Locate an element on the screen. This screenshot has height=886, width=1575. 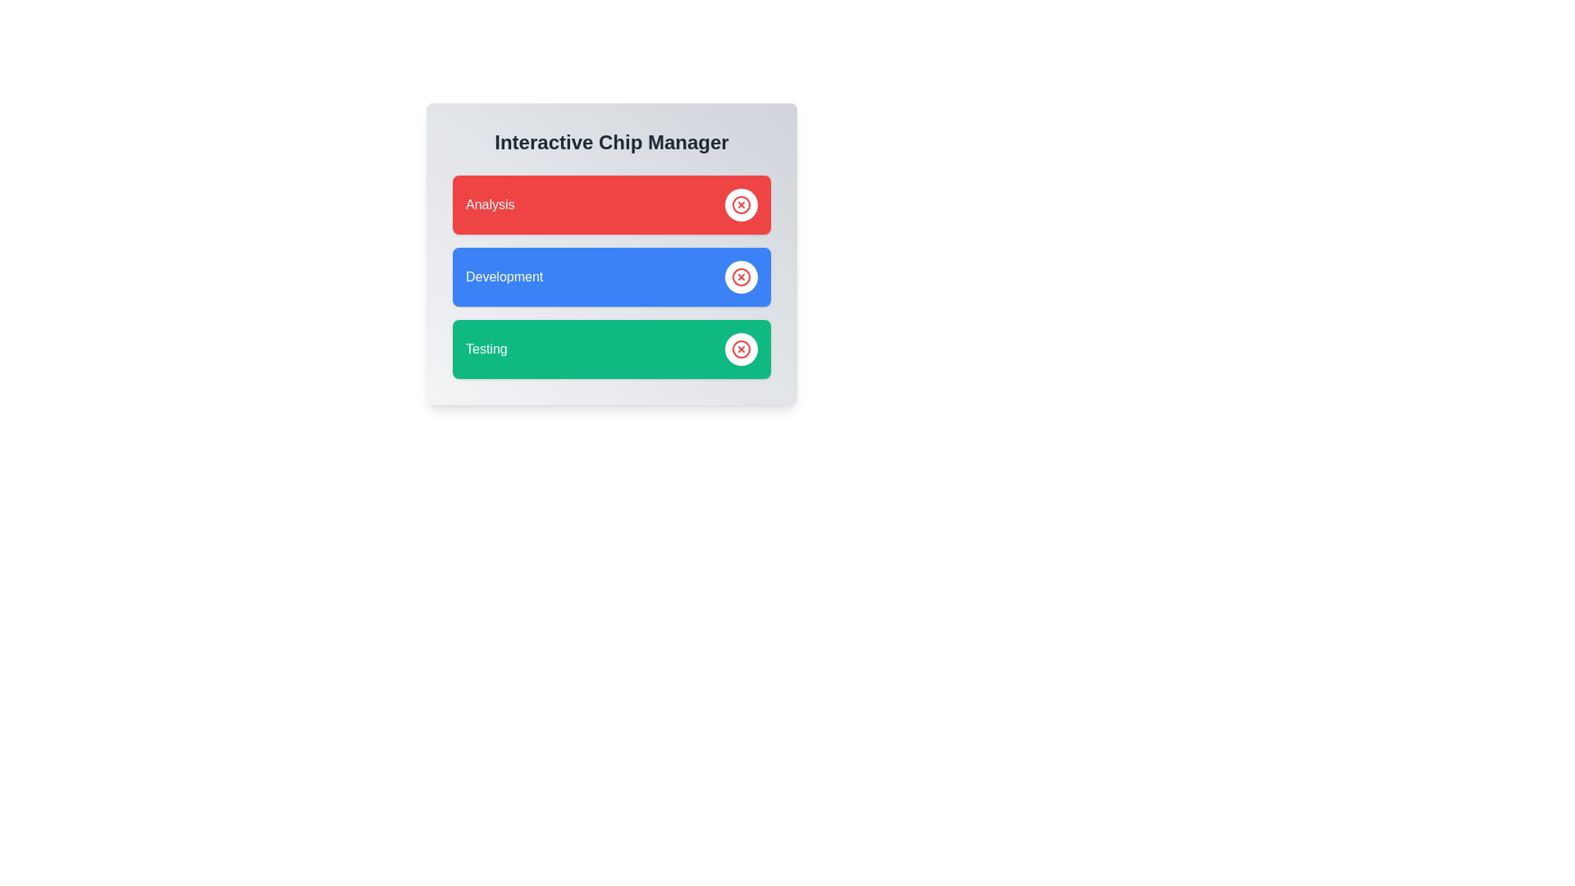
the close button of the 'Development' chip to remove it is located at coordinates (740, 276).